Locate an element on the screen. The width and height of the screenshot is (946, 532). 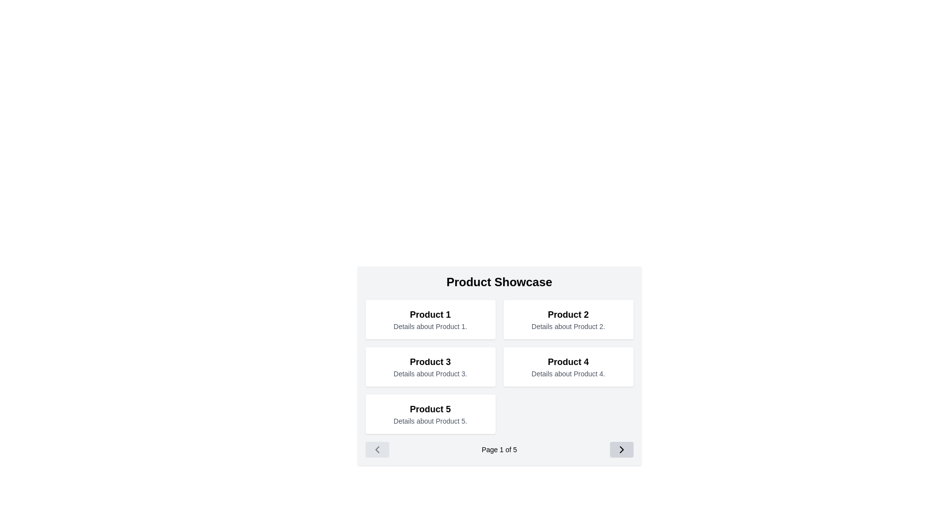
the text label displaying 'Product 1' which is located in the top-left cell of the product showcase section is located at coordinates (430, 315).